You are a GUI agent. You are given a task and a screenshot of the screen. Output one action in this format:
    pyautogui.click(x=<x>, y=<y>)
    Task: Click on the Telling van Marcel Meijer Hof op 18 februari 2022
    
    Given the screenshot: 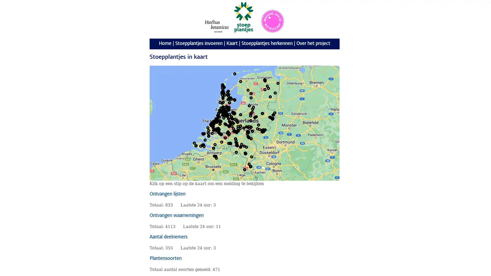 What is the action you would take?
    pyautogui.click(x=272, y=118)
    